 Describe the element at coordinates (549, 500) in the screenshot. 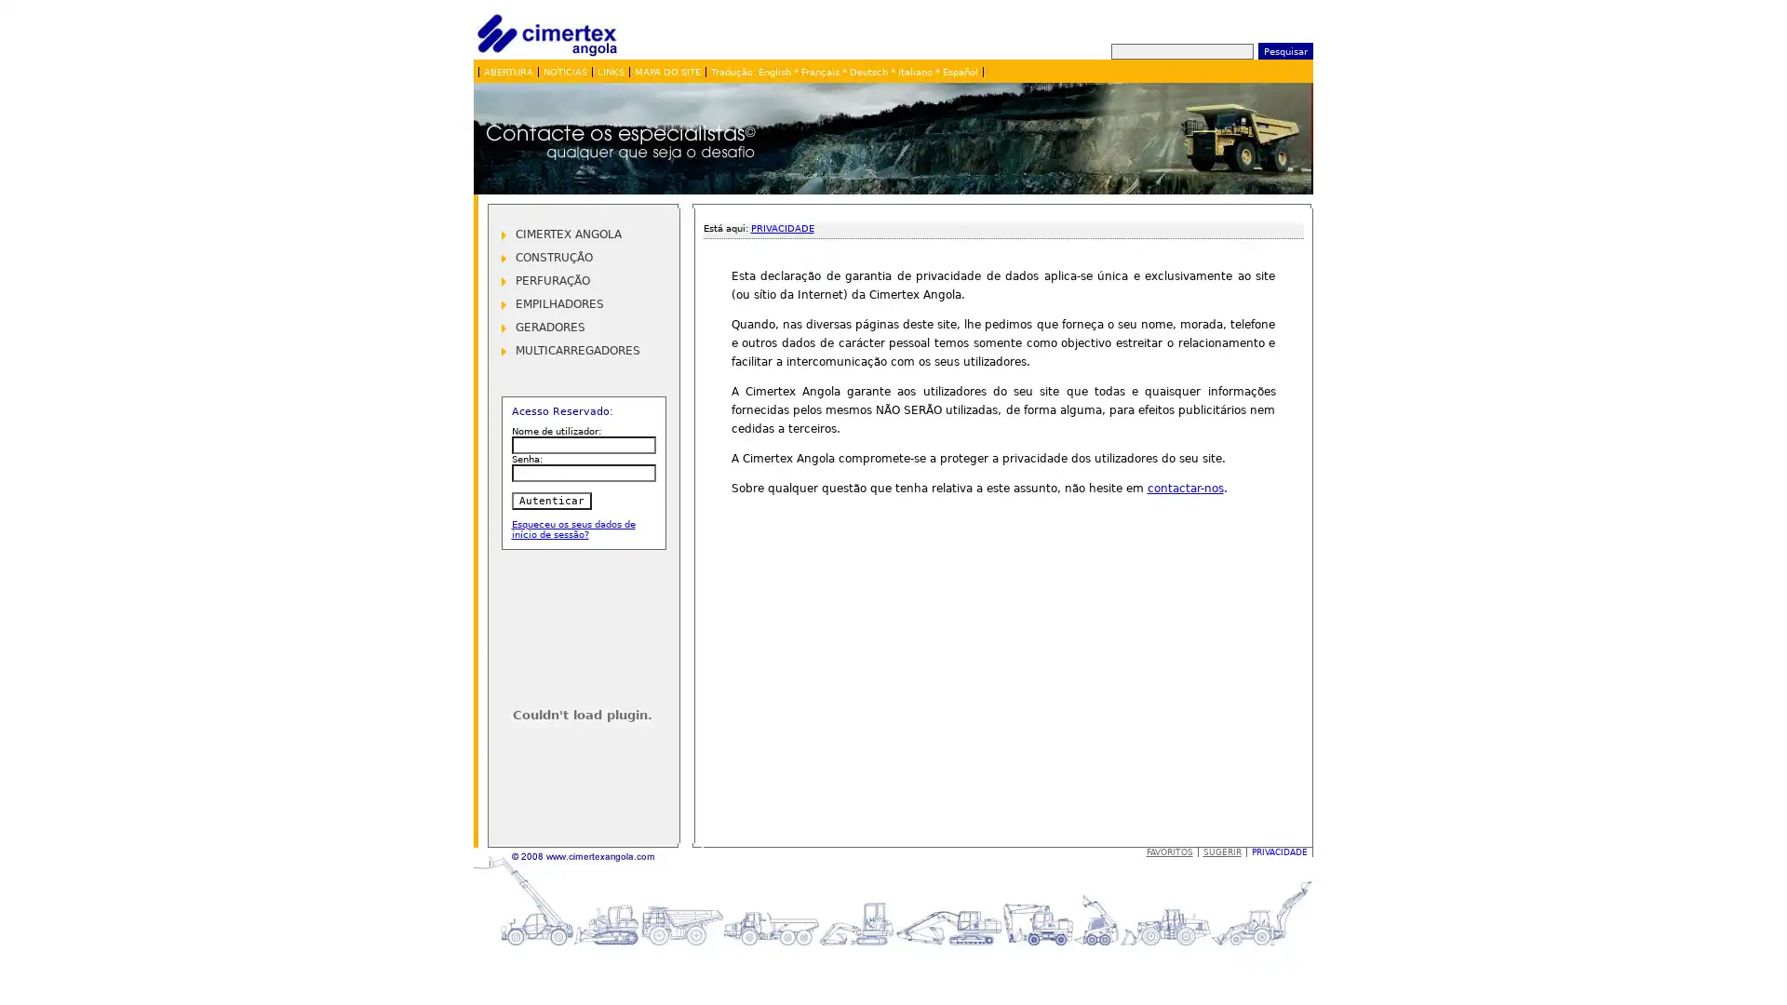

I see `Autenticar` at that location.